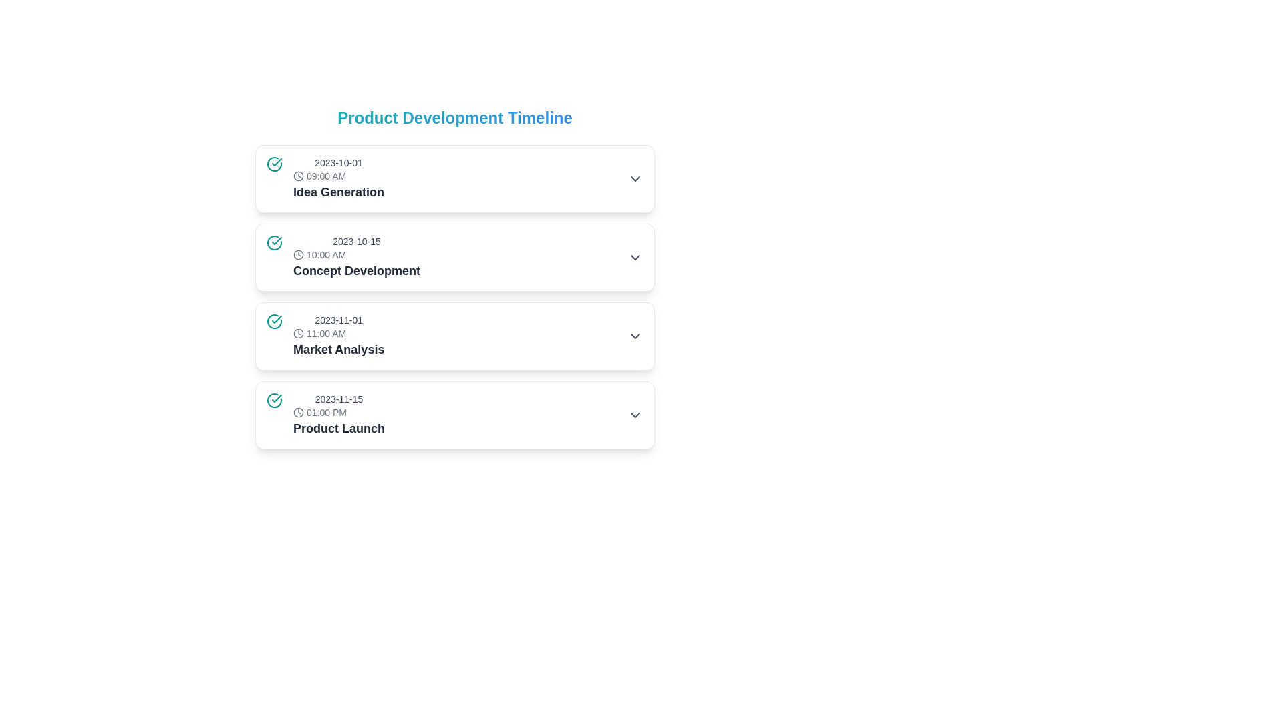 This screenshot has height=721, width=1283. Describe the element at coordinates (455, 178) in the screenshot. I see `on the first card in the timeline representing 'Idea Generation' scheduled for '2023-10-01 09:00 AM'` at that location.